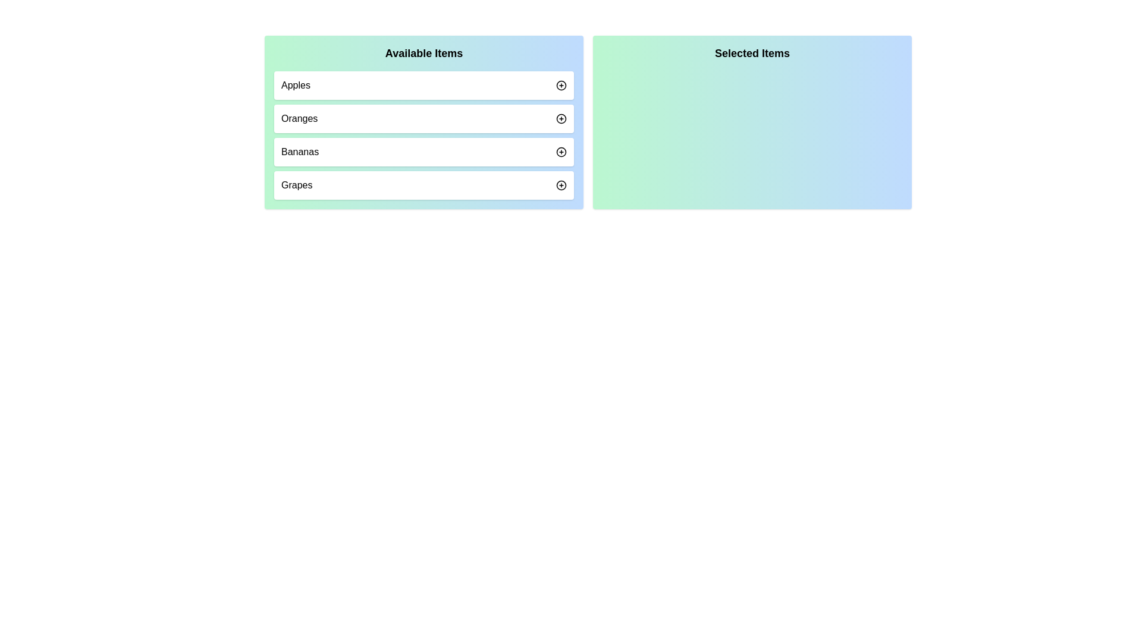 This screenshot has height=642, width=1142. Describe the element at coordinates (561, 151) in the screenshot. I see `'+' button next to Bananas in the 'Available Items' list to transfer it to 'Selected Items'` at that location.